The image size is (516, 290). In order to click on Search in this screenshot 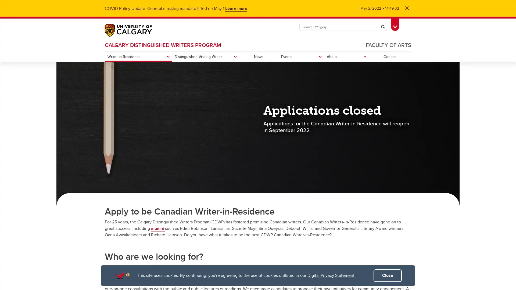, I will do `click(383, 27)`.